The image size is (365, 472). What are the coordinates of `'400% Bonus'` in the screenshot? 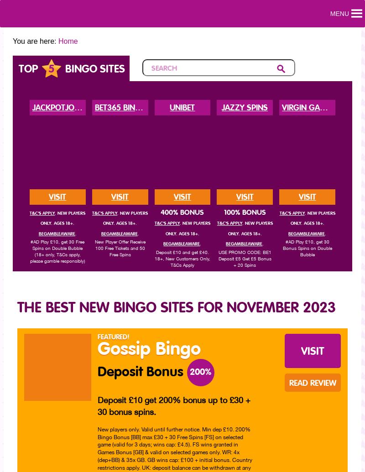 It's located at (182, 213).